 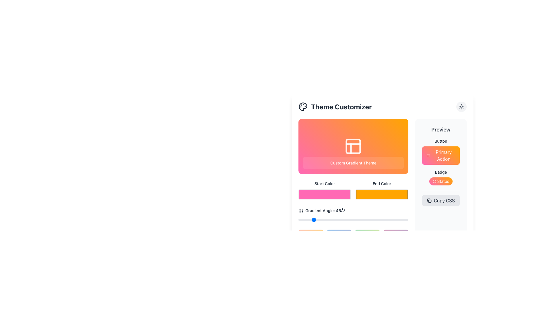 I want to click on the gradient angle slider, so click(x=333, y=220).